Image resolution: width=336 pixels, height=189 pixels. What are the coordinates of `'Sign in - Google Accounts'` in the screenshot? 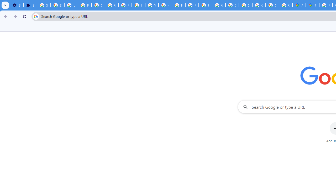 It's located at (44, 5).